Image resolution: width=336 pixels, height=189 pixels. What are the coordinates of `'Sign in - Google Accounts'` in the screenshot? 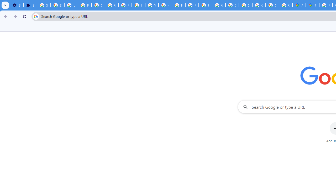 It's located at (44, 5).